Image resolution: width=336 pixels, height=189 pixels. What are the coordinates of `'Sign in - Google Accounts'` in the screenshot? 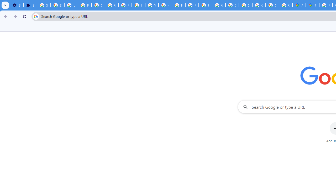 It's located at (44, 5).